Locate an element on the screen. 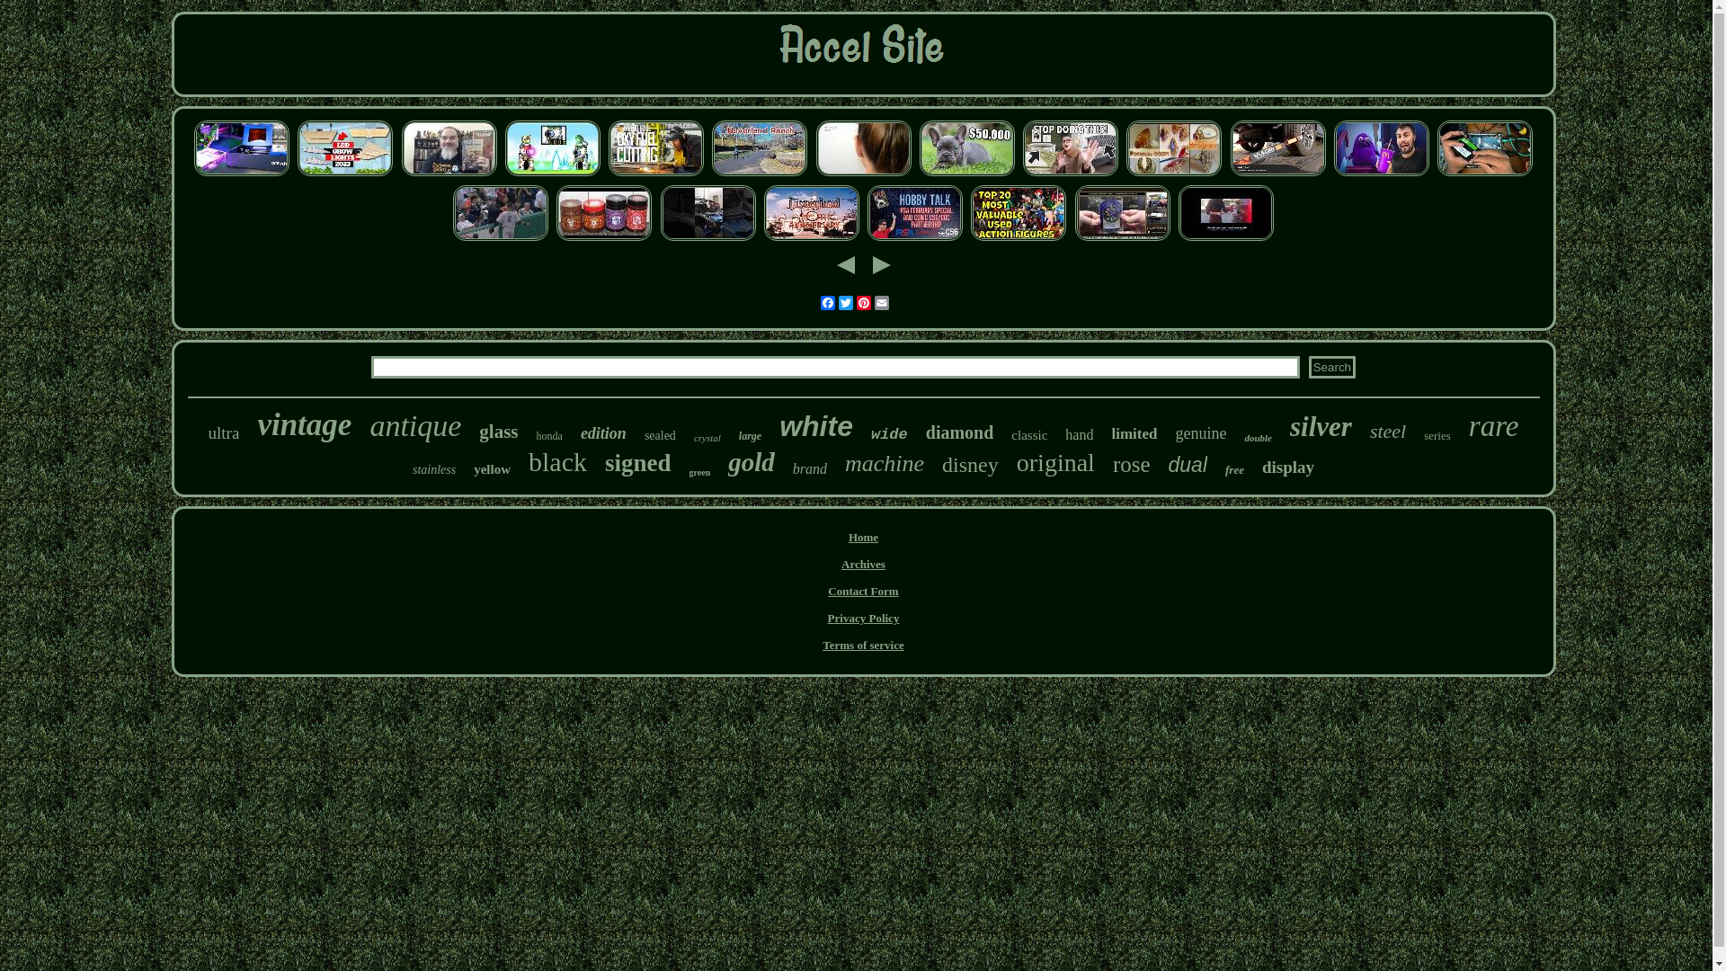 The height and width of the screenshot is (971, 1726). 'green' is located at coordinates (689, 471).